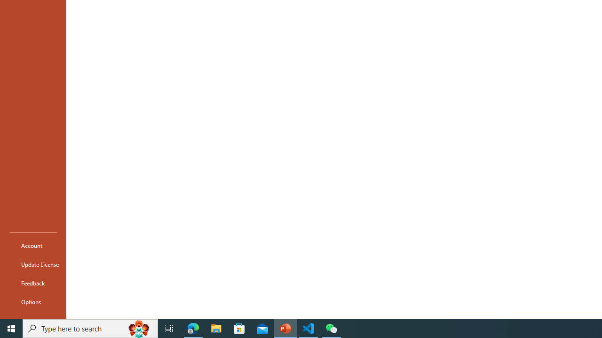 The image size is (602, 338). Describe the element at coordinates (33, 283) in the screenshot. I see `'Feedback'` at that location.